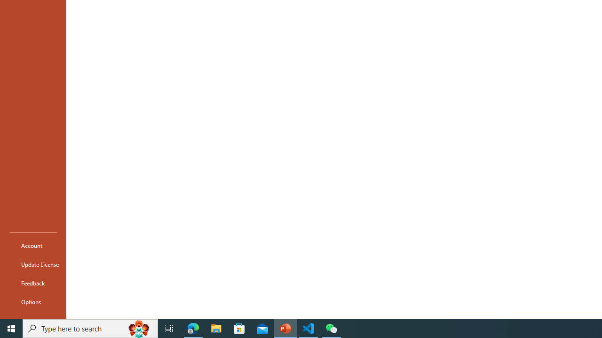 The image size is (602, 338). Describe the element at coordinates (33, 283) in the screenshot. I see `'Feedback'` at that location.